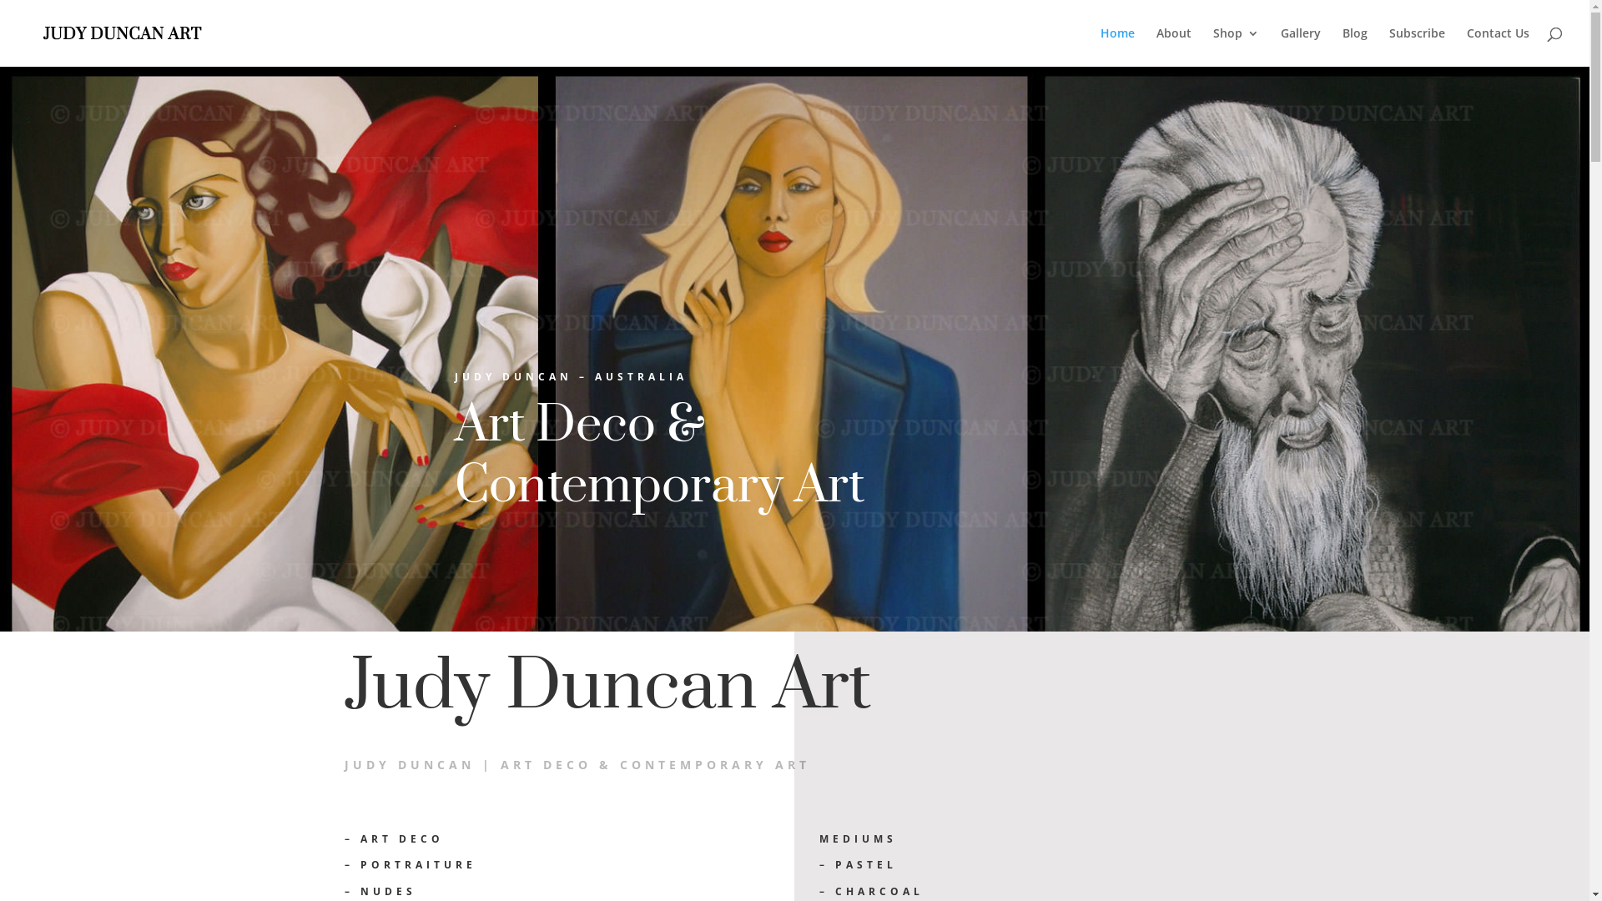 The image size is (1602, 901). Describe the element at coordinates (1213, 46) in the screenshot. I see `'Shop'` at that location.